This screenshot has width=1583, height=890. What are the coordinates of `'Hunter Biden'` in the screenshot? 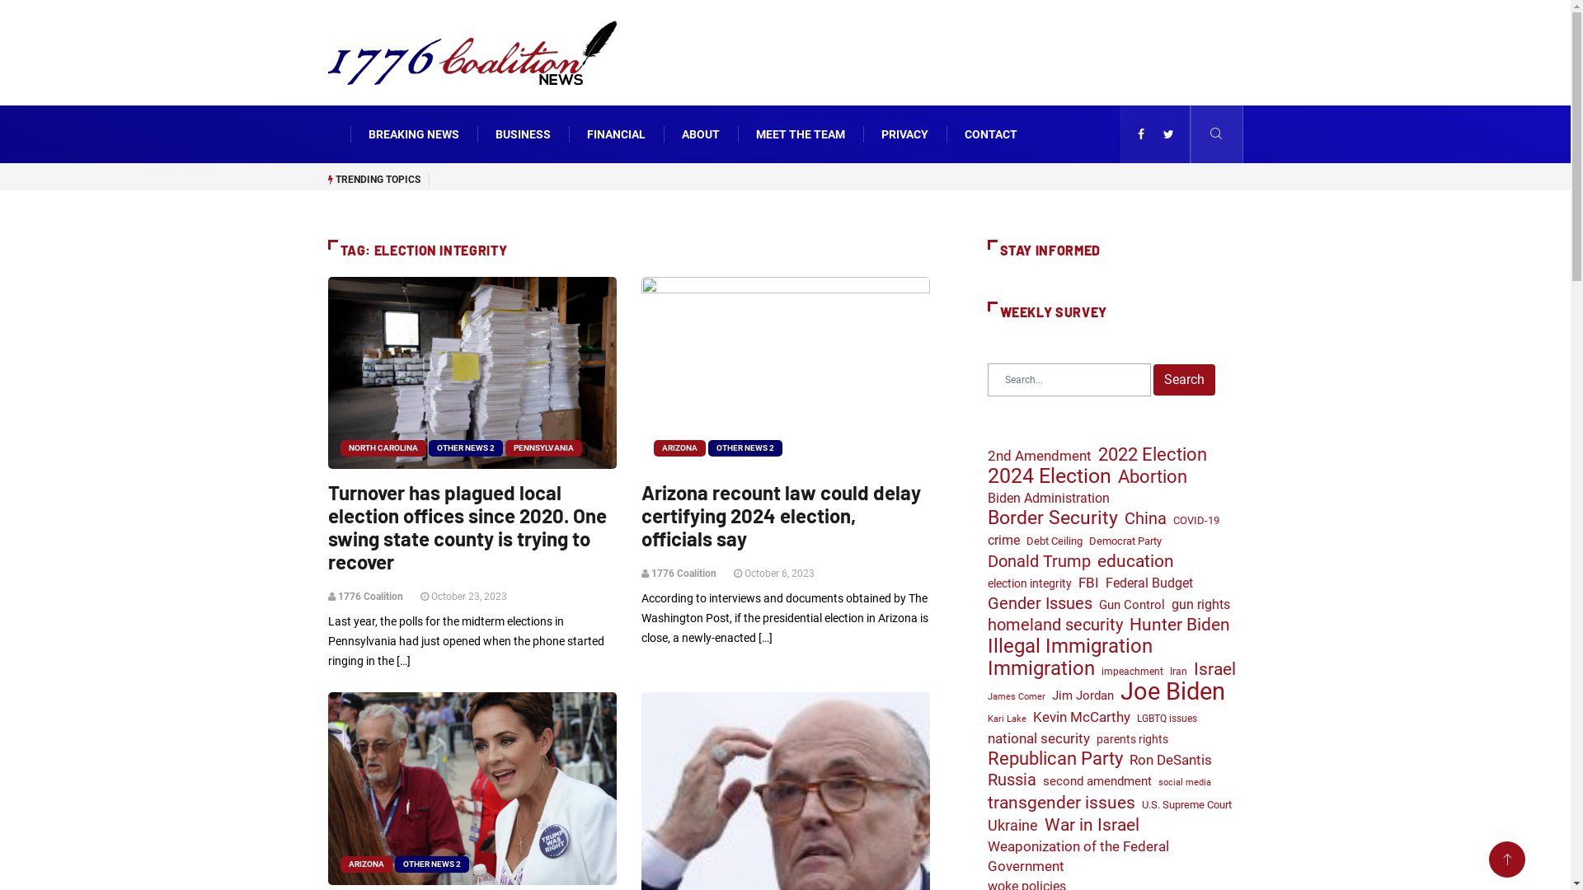 It's located at (1128, 625).